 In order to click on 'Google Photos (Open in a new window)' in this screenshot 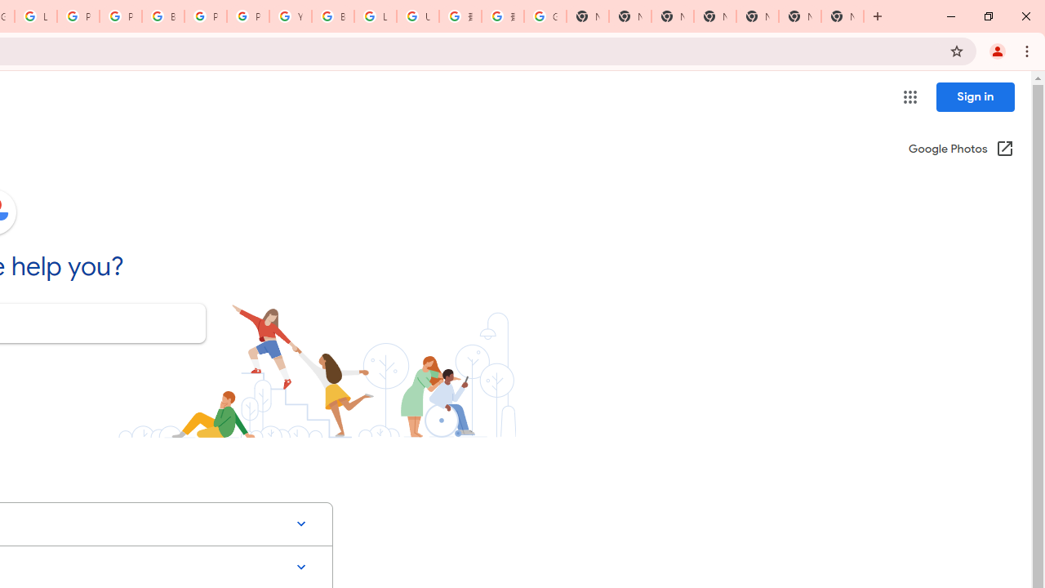, I will do `click(961, 149)`.